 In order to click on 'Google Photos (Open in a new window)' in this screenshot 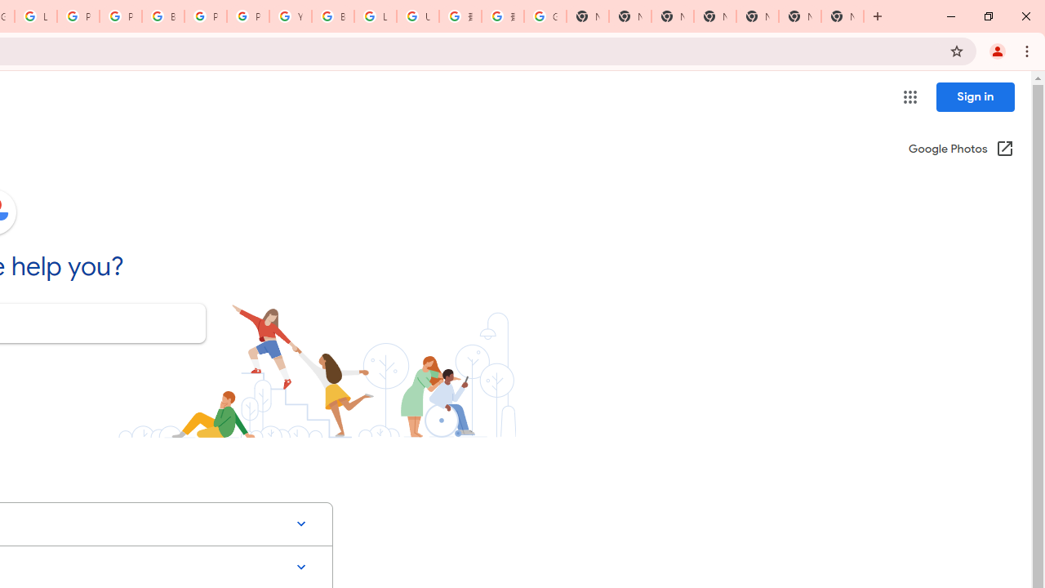, I will do `click(961, 149)`.